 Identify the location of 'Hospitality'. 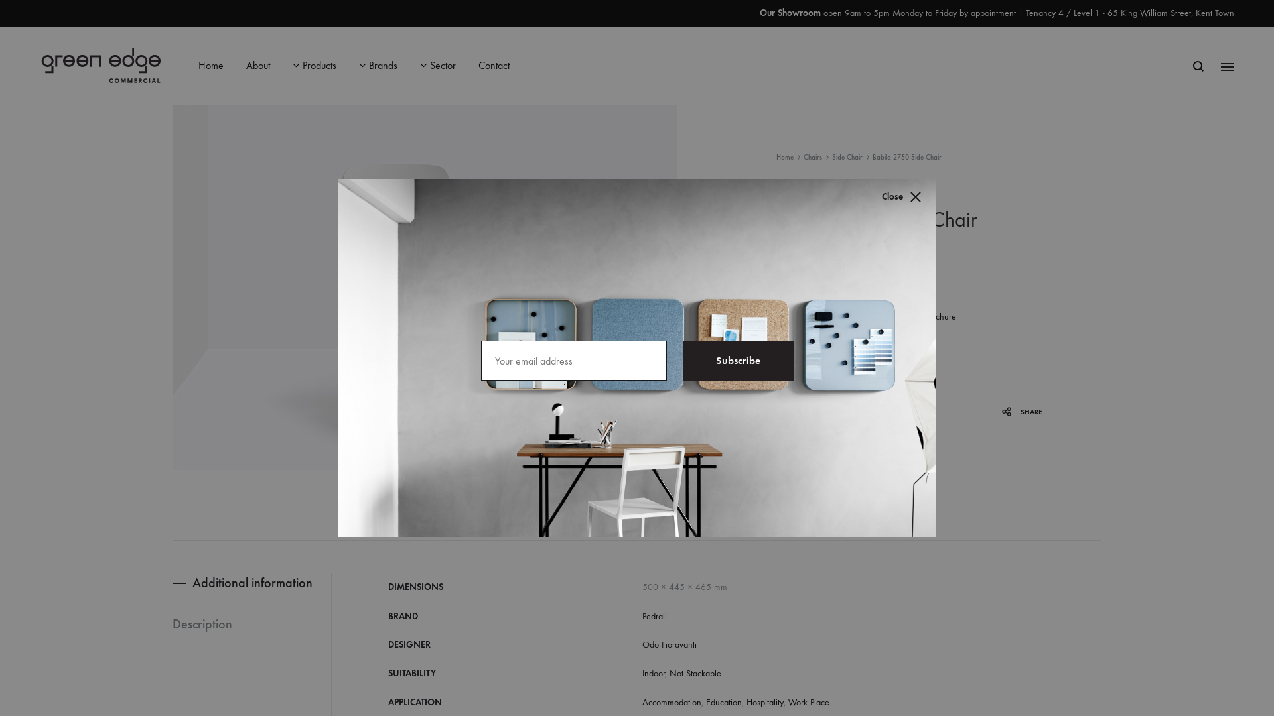
(764, 701).